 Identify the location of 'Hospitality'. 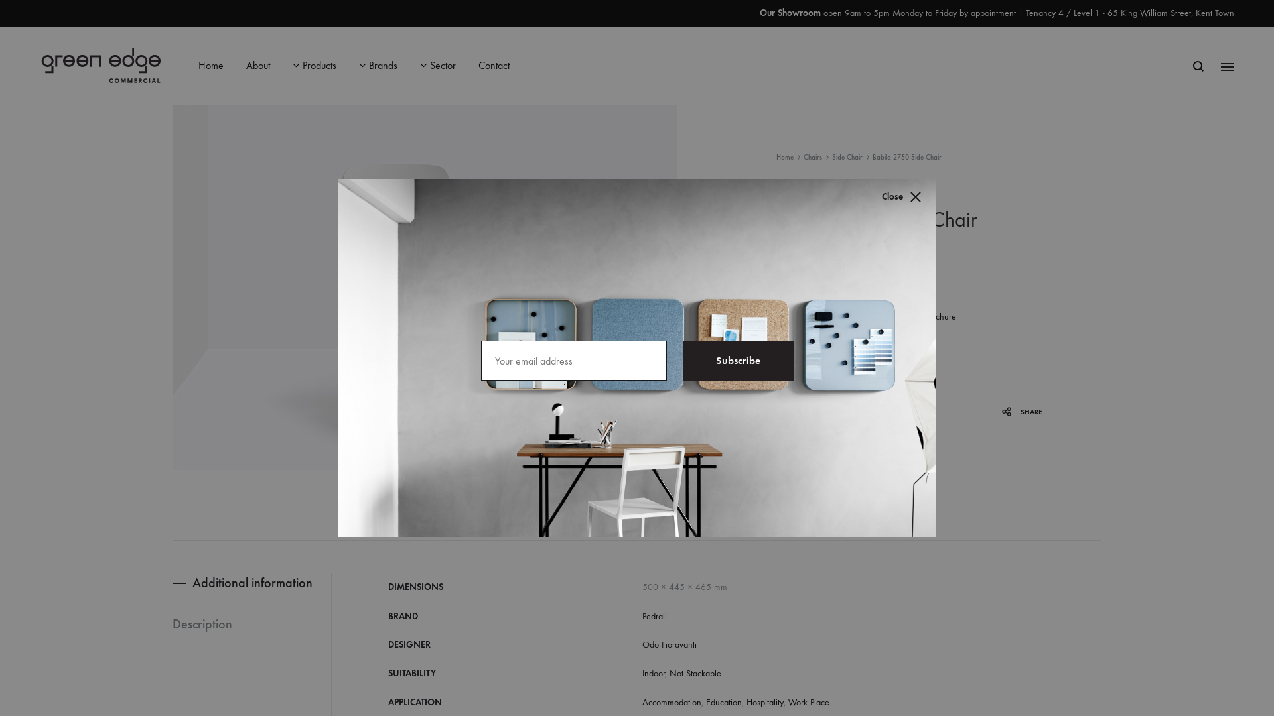
(764, 701).